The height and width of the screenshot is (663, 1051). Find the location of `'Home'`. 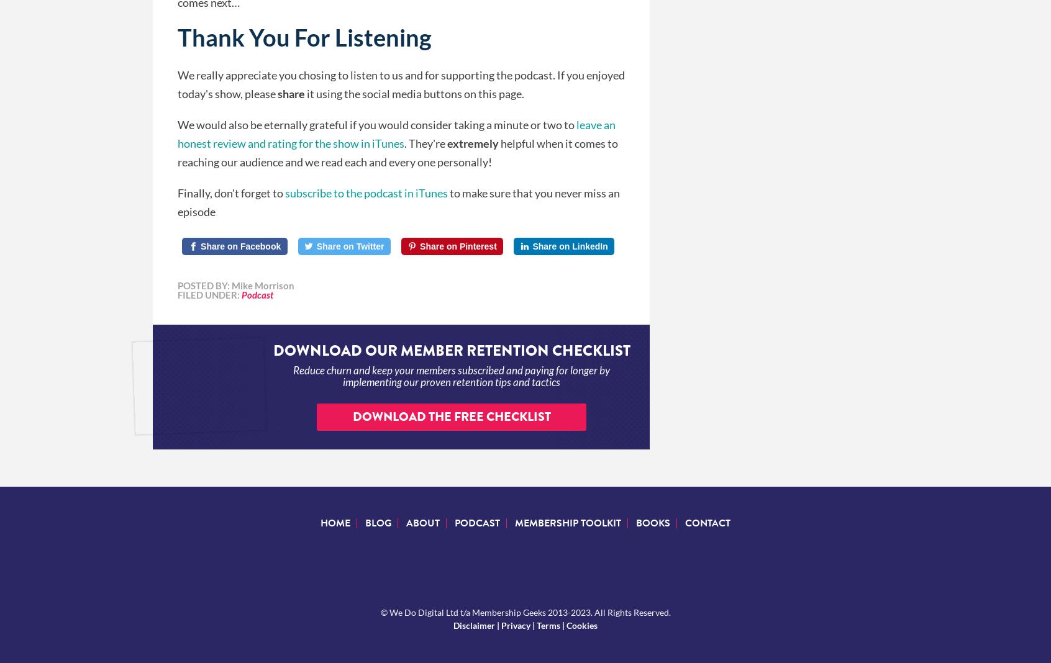

'Home' is located at coordinates (335, 522).